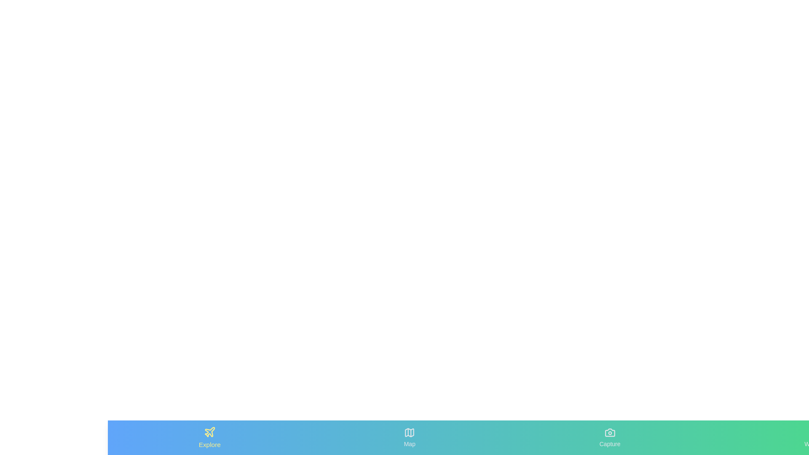 The height and width of the screenshot is (455, 809). I want to click on the Capture tab by clicking on it, so click(610, 437).